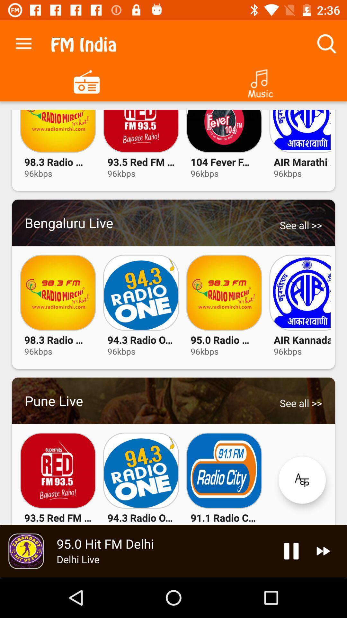 Image resolution: width=347 pixels, height=618 pixels. I want to click on music tab, so click(260, 81).